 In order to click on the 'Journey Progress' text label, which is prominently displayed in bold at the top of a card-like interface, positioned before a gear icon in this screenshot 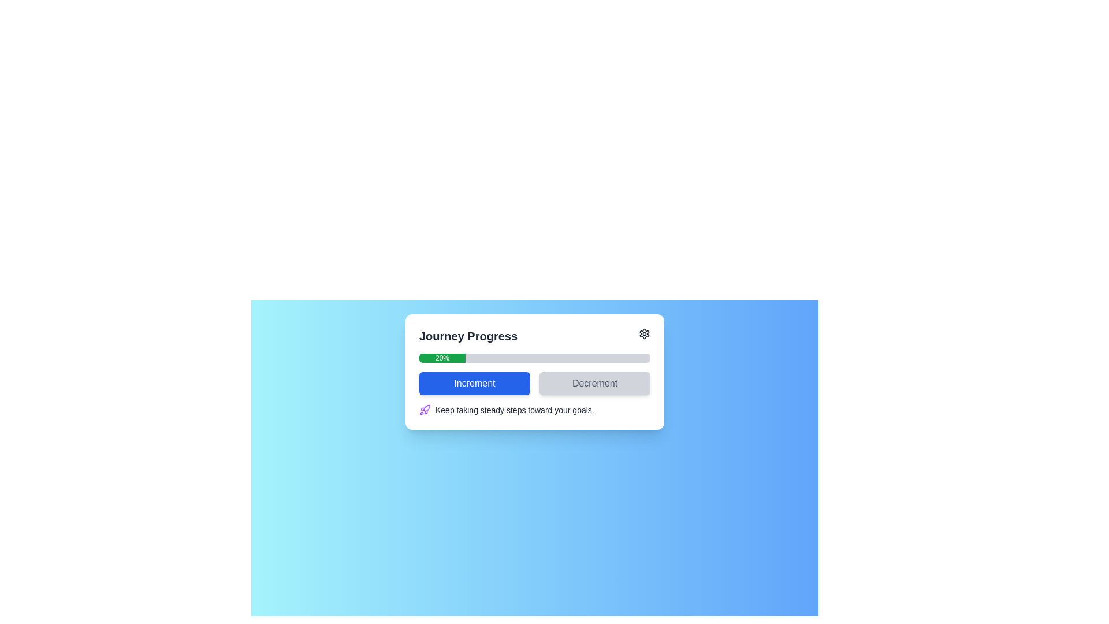, I will do `click(468, 336)`.